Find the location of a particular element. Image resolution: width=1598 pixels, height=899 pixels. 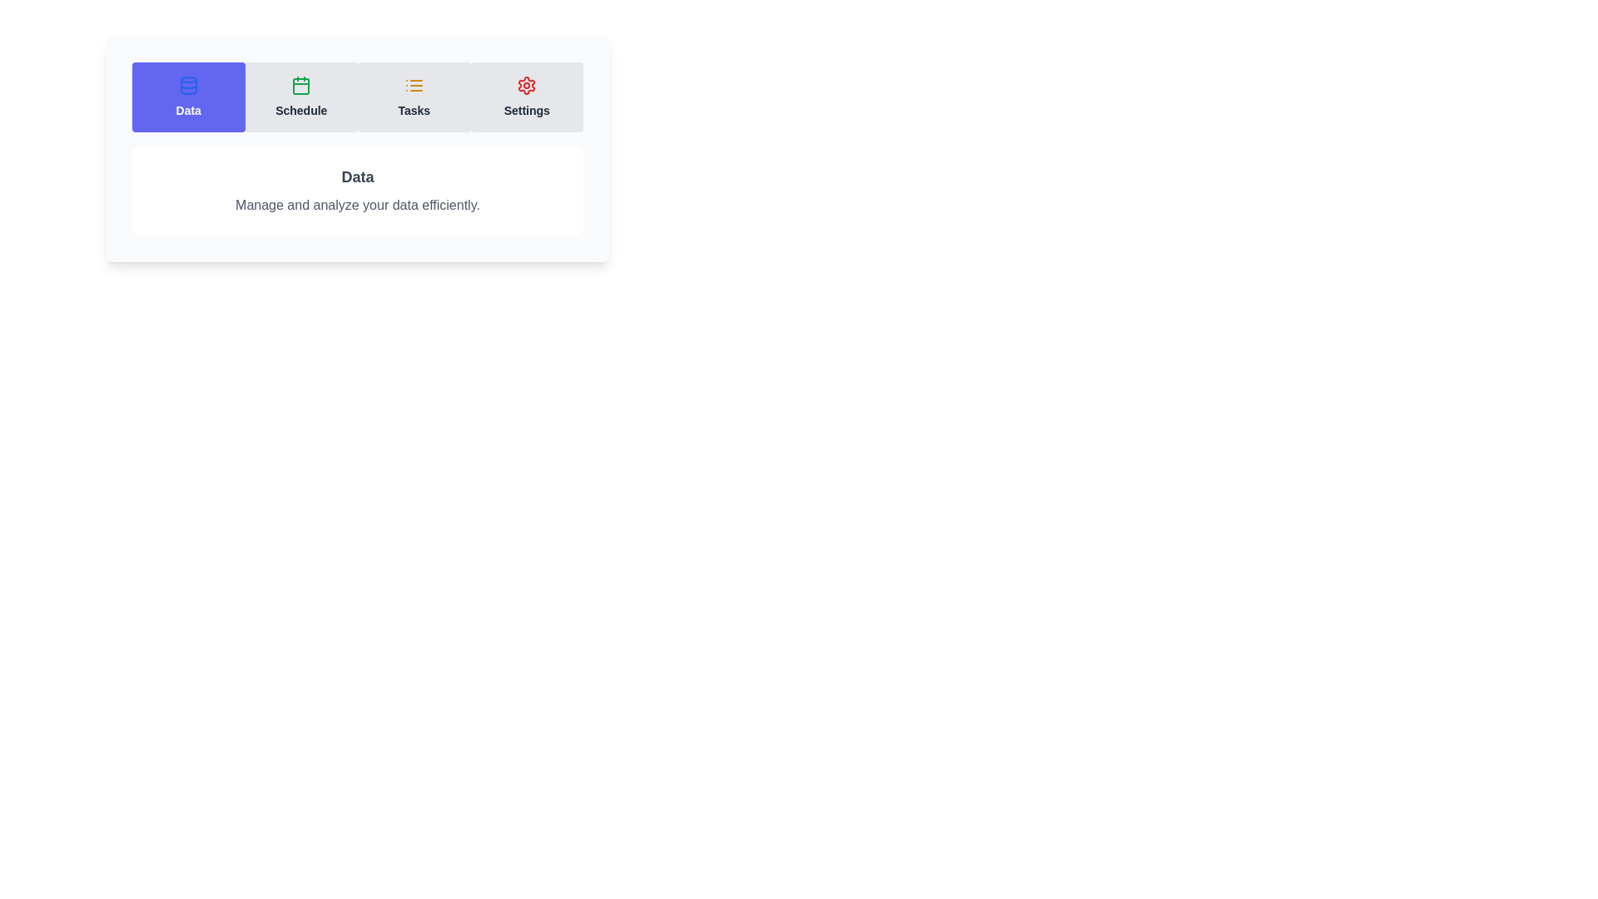

the tab labeled Data to view its content is located at coordinates (188, 97).